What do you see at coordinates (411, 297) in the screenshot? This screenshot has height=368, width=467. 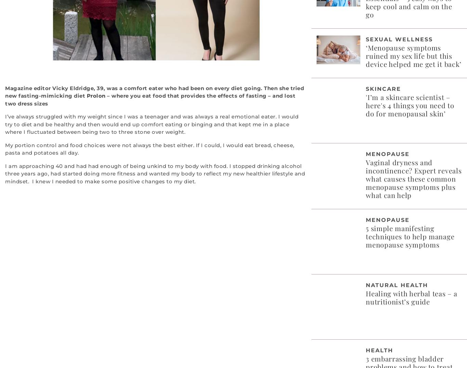 I see `'Healing with herbal teas  – a nutritionist’s guide'` at bounding box center [411, 297].